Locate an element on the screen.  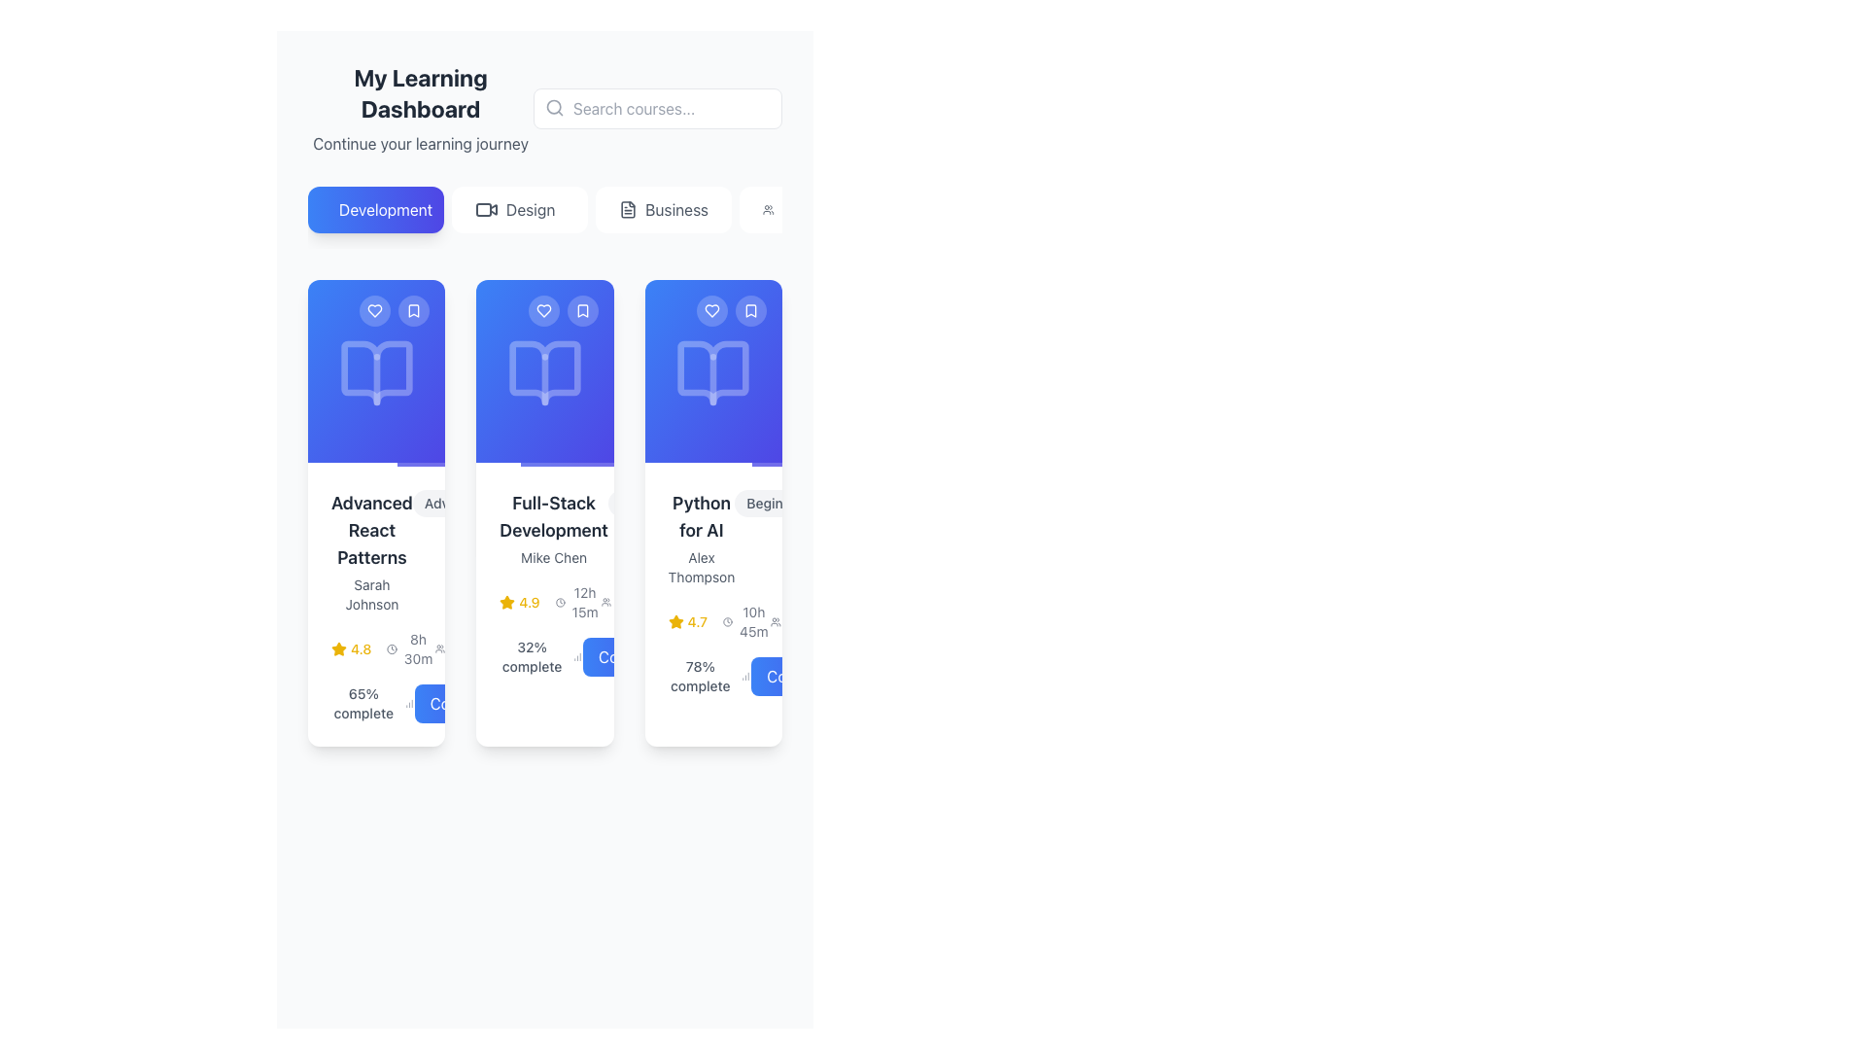
the rounded button with a semi-transparent blue background and a white bookmark icon located in the top-right corner of the second card in the list of learning cards is located at coordinates (581, 310).